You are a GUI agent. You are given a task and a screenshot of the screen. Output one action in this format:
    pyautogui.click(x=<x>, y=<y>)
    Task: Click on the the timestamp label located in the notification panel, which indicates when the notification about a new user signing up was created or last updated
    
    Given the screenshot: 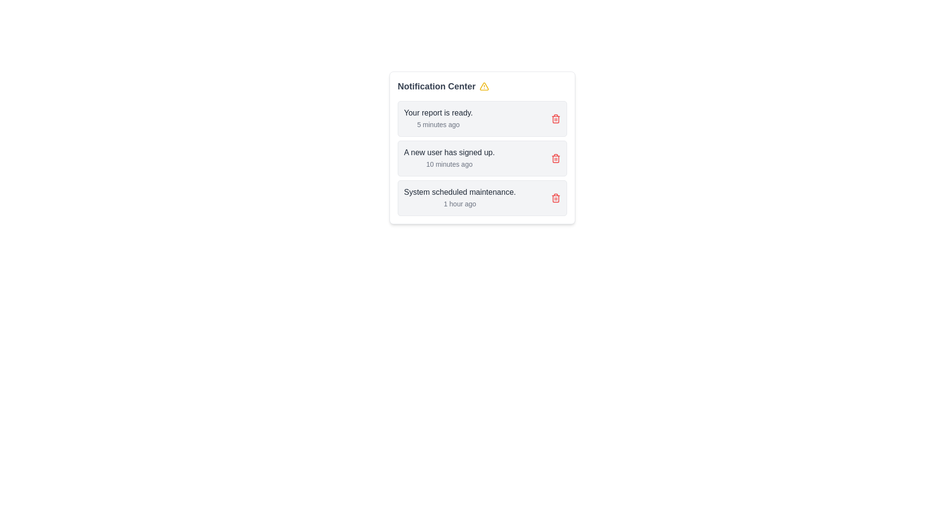 What is the action you would take?
    pyautogui.click(x=449, y=163)
    